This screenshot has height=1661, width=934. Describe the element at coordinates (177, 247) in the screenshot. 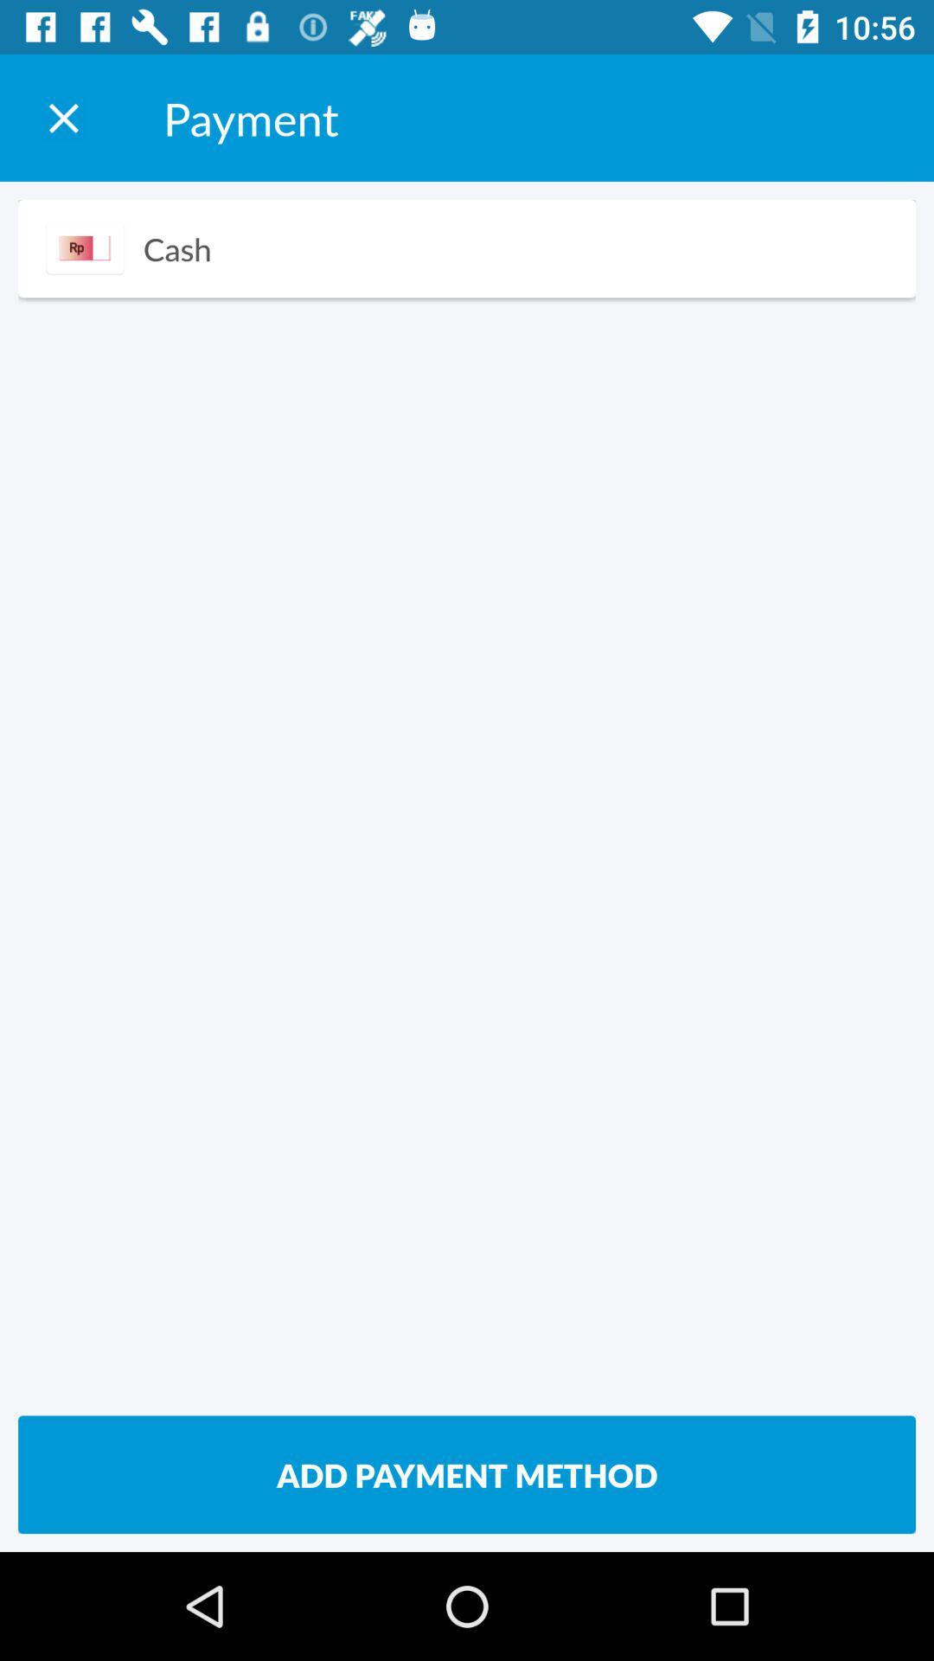

I see `the icon below payment item` at that location.